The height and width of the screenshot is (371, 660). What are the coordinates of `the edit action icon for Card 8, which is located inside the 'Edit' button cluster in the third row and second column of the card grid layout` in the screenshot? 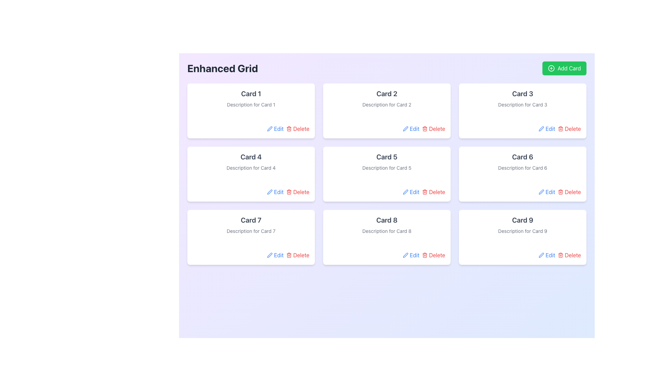 It's located at (406, 255).